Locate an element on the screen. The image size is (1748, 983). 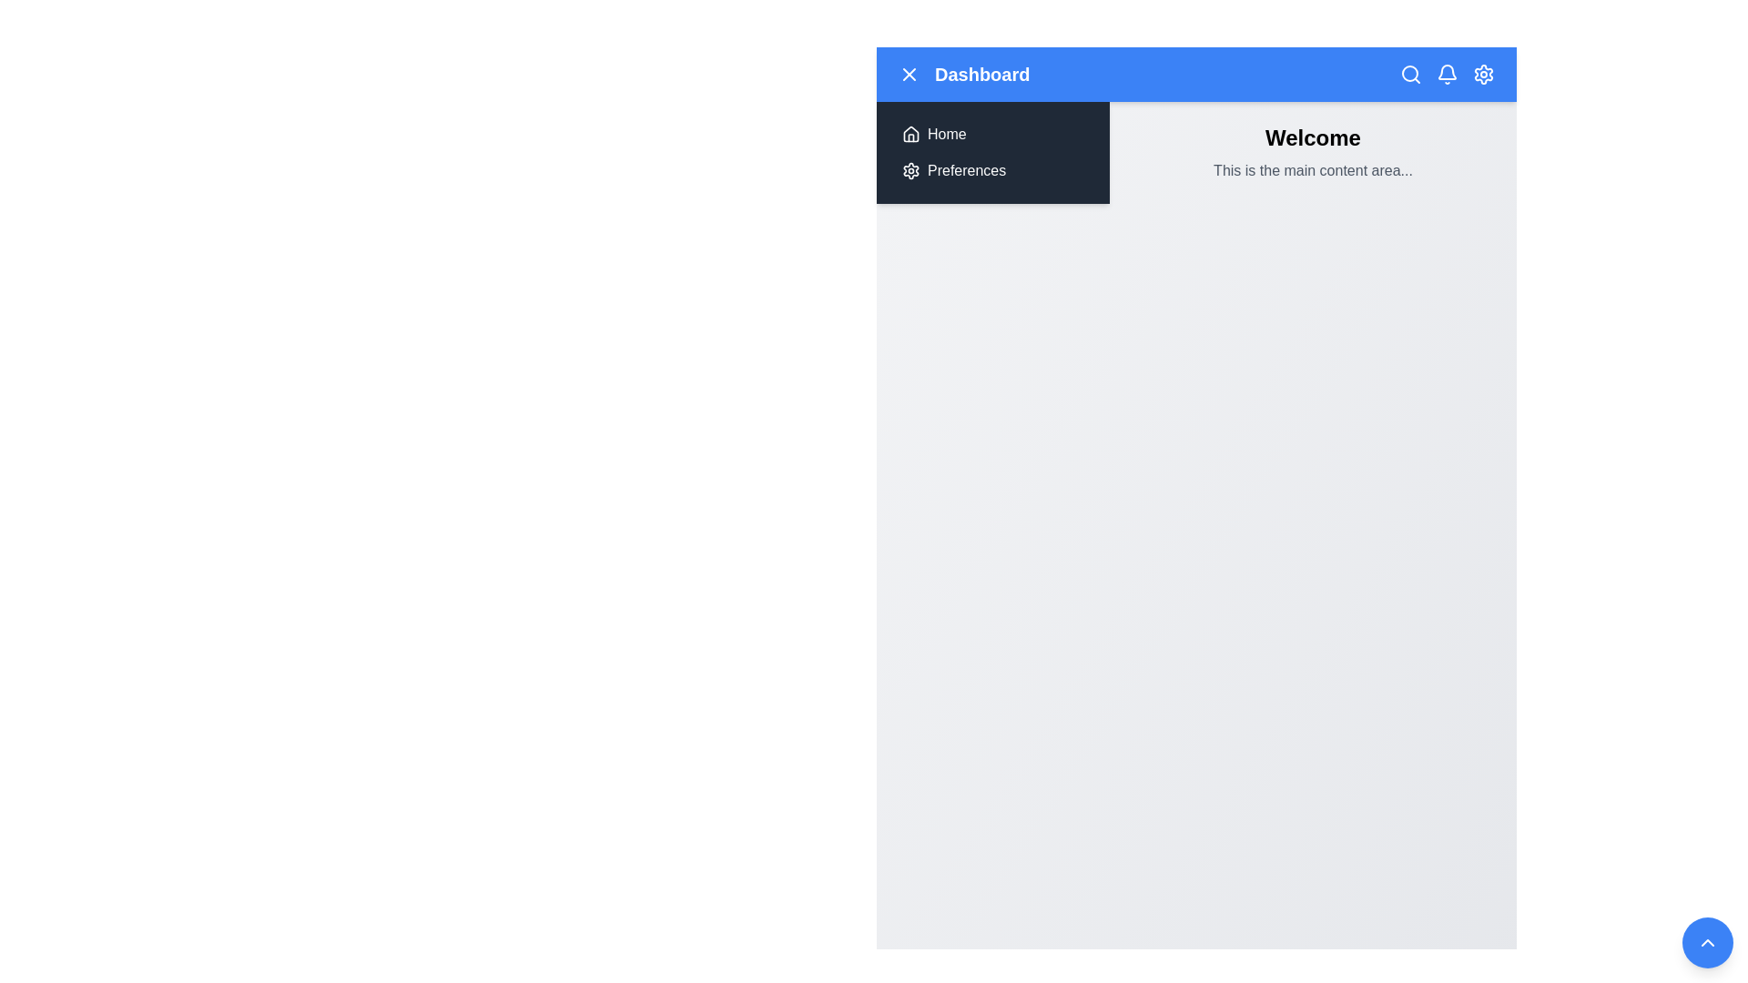
the 'Preferences' menu item located in the left-hand navigation panel, styled with a dark background and white text, positioned directly below 'Home' is located at coordinates (991, 171).